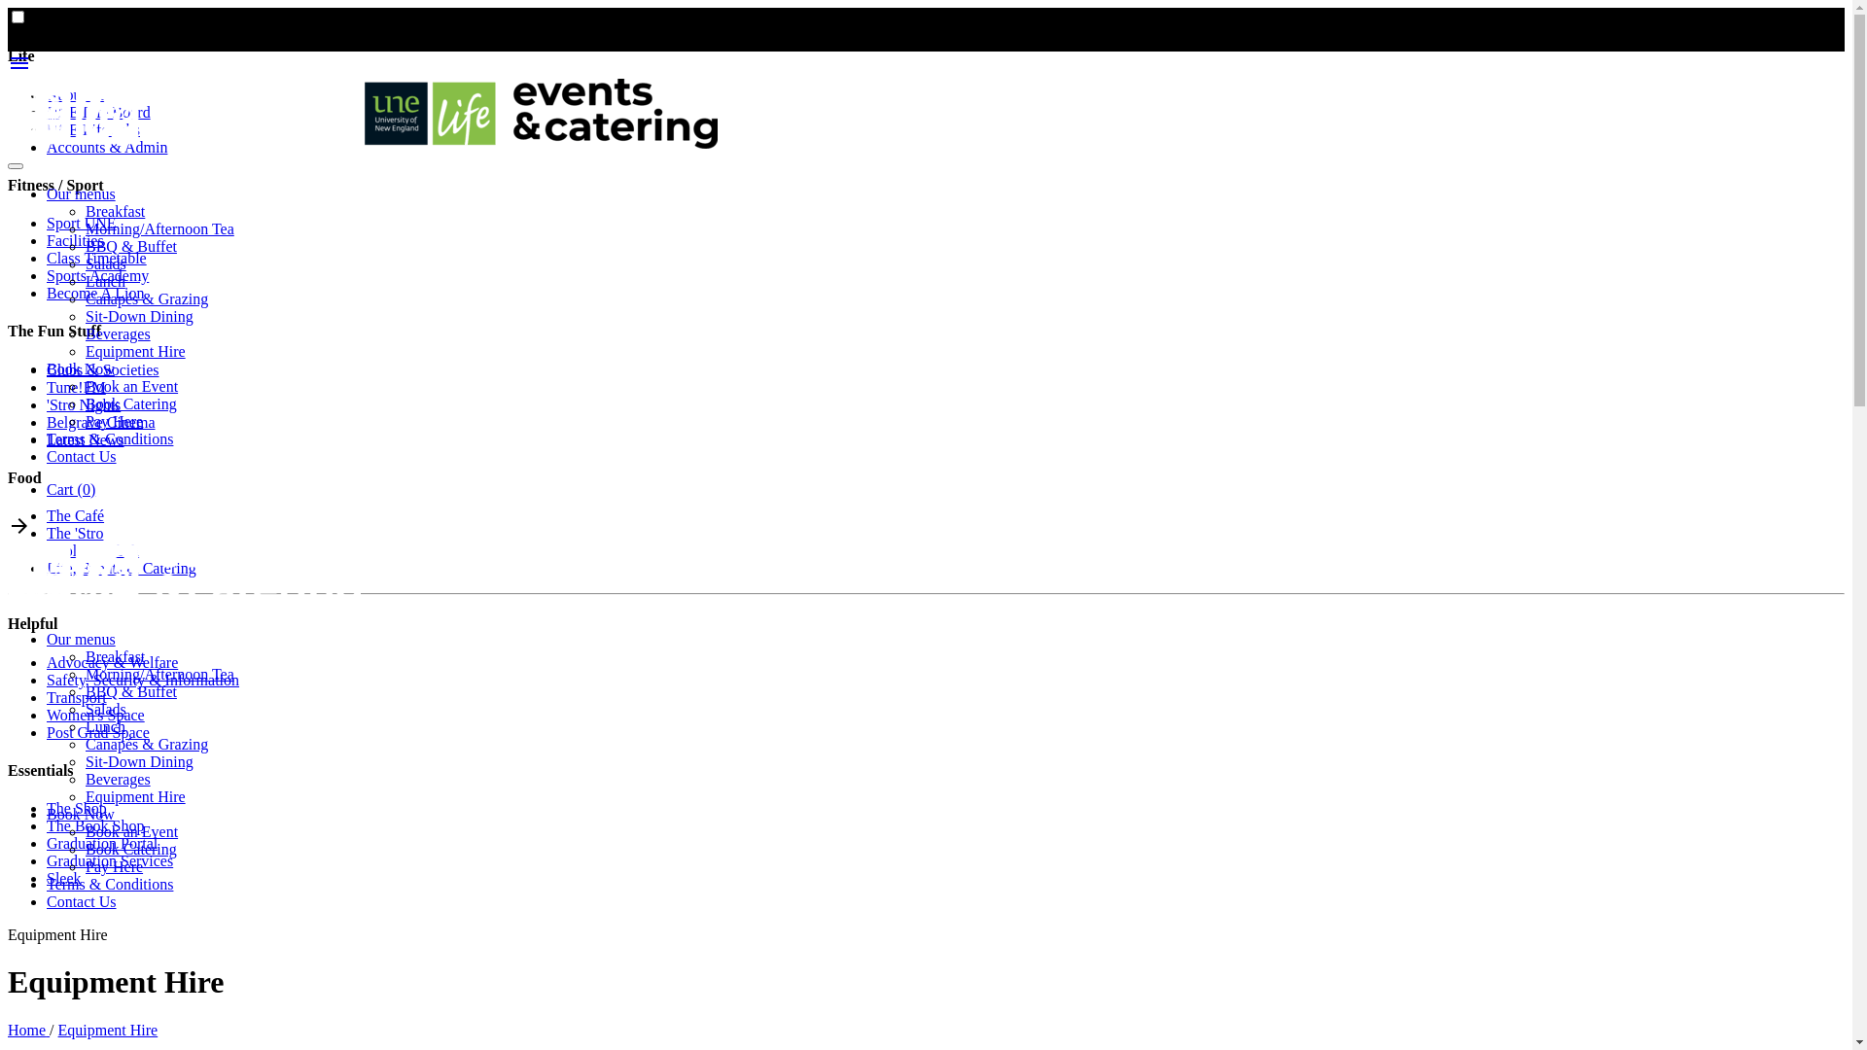 The image size is (1867, 1050). What do you see at coordinates (93, 293) in the screenshot?
I see `'Become A Lion'` at bounding box center [93, 293].